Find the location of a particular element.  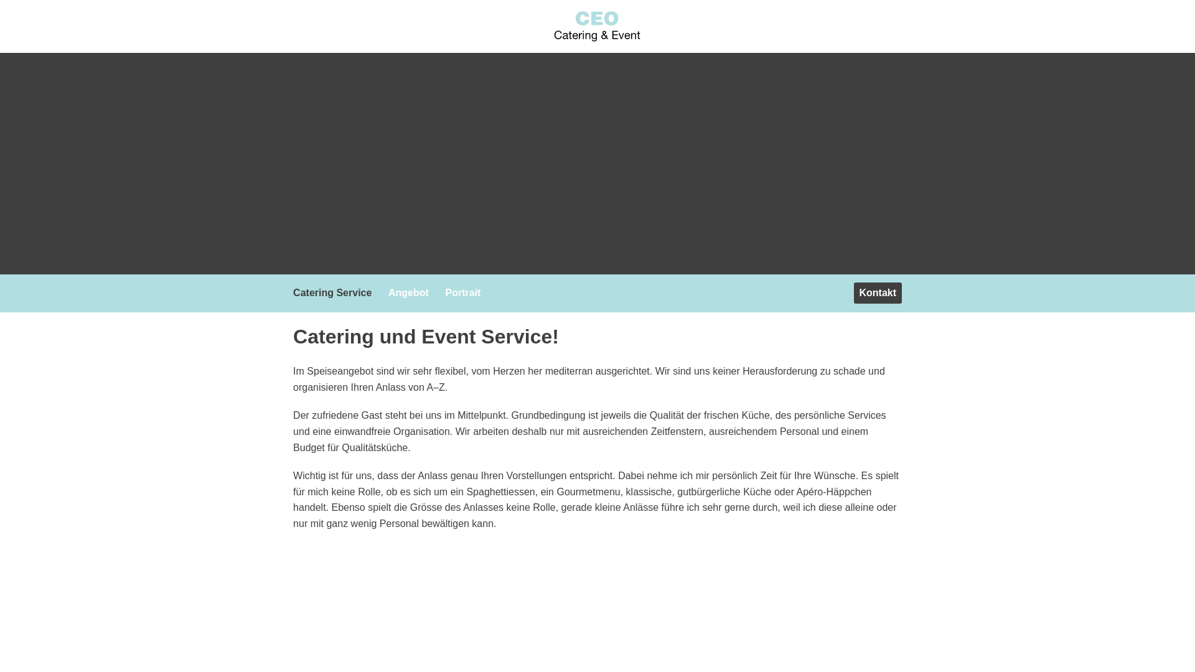

'Angebot' is located at coordinates (411, 292).